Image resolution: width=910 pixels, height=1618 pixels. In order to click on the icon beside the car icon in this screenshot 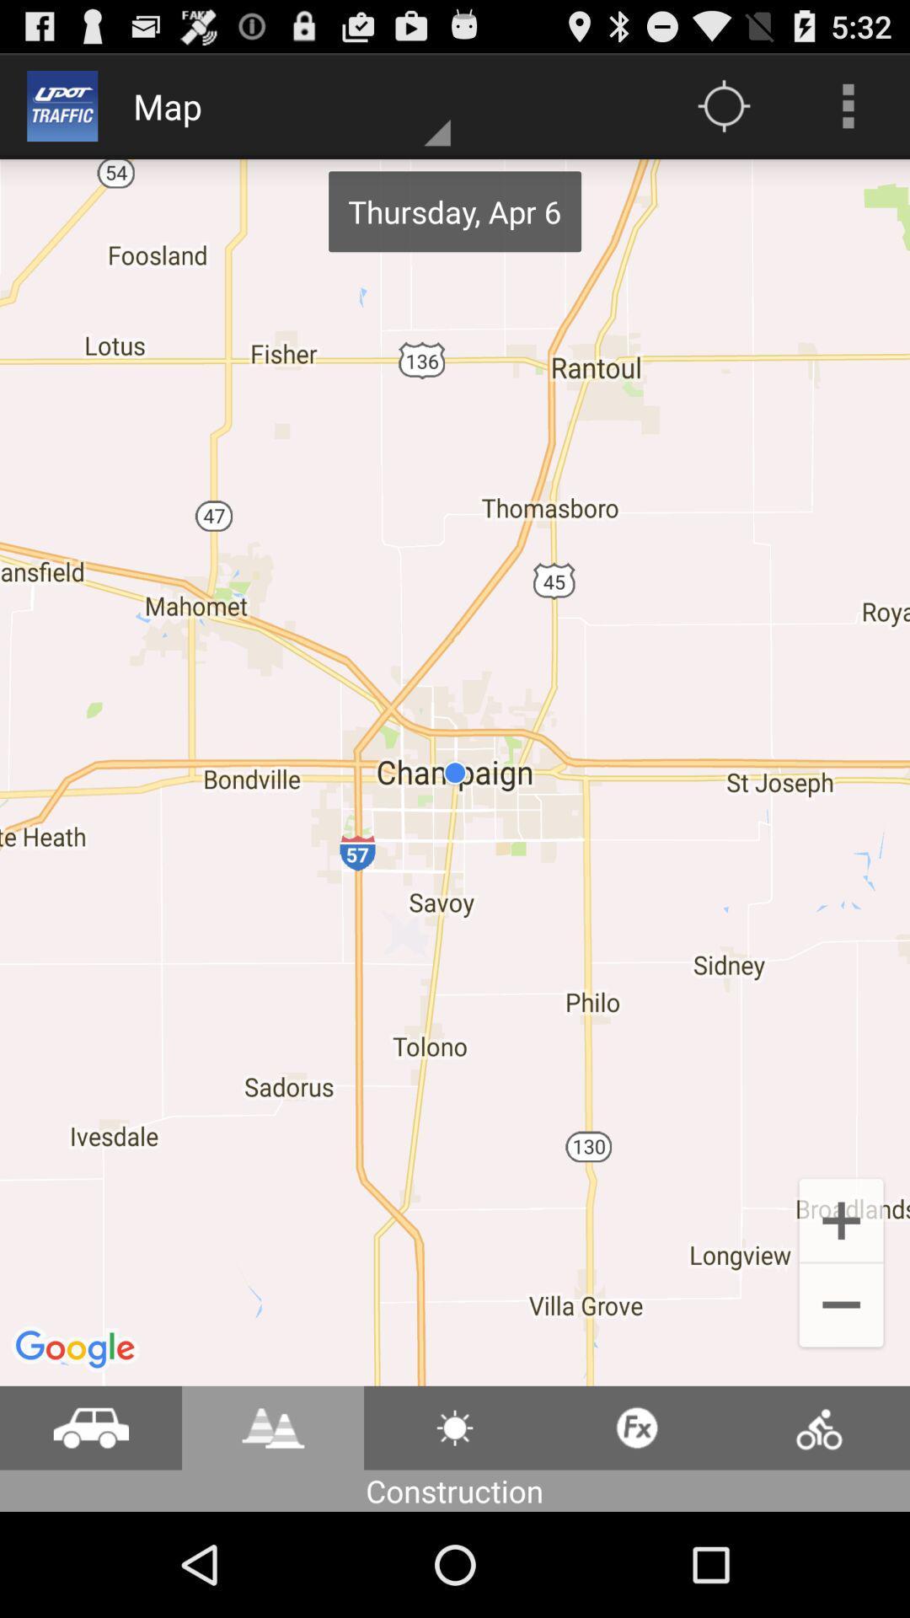, I will do `click(272, 1427)`.